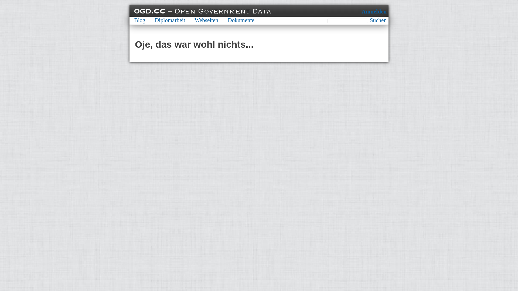 The width and height of the screenshot is (518, 291). What do you see at coordinates (206, 20) in the screenshot?
I see `'Webseiten'` at bounding box center [206, 20].